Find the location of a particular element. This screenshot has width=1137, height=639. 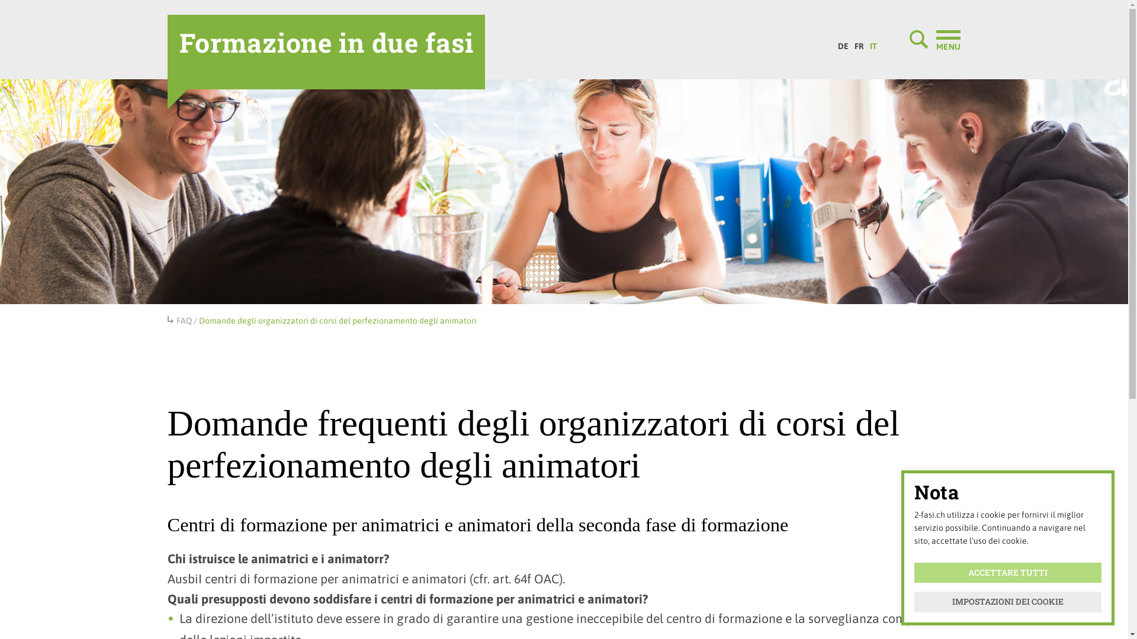

'MENU' is located at coordinates (934, 38).